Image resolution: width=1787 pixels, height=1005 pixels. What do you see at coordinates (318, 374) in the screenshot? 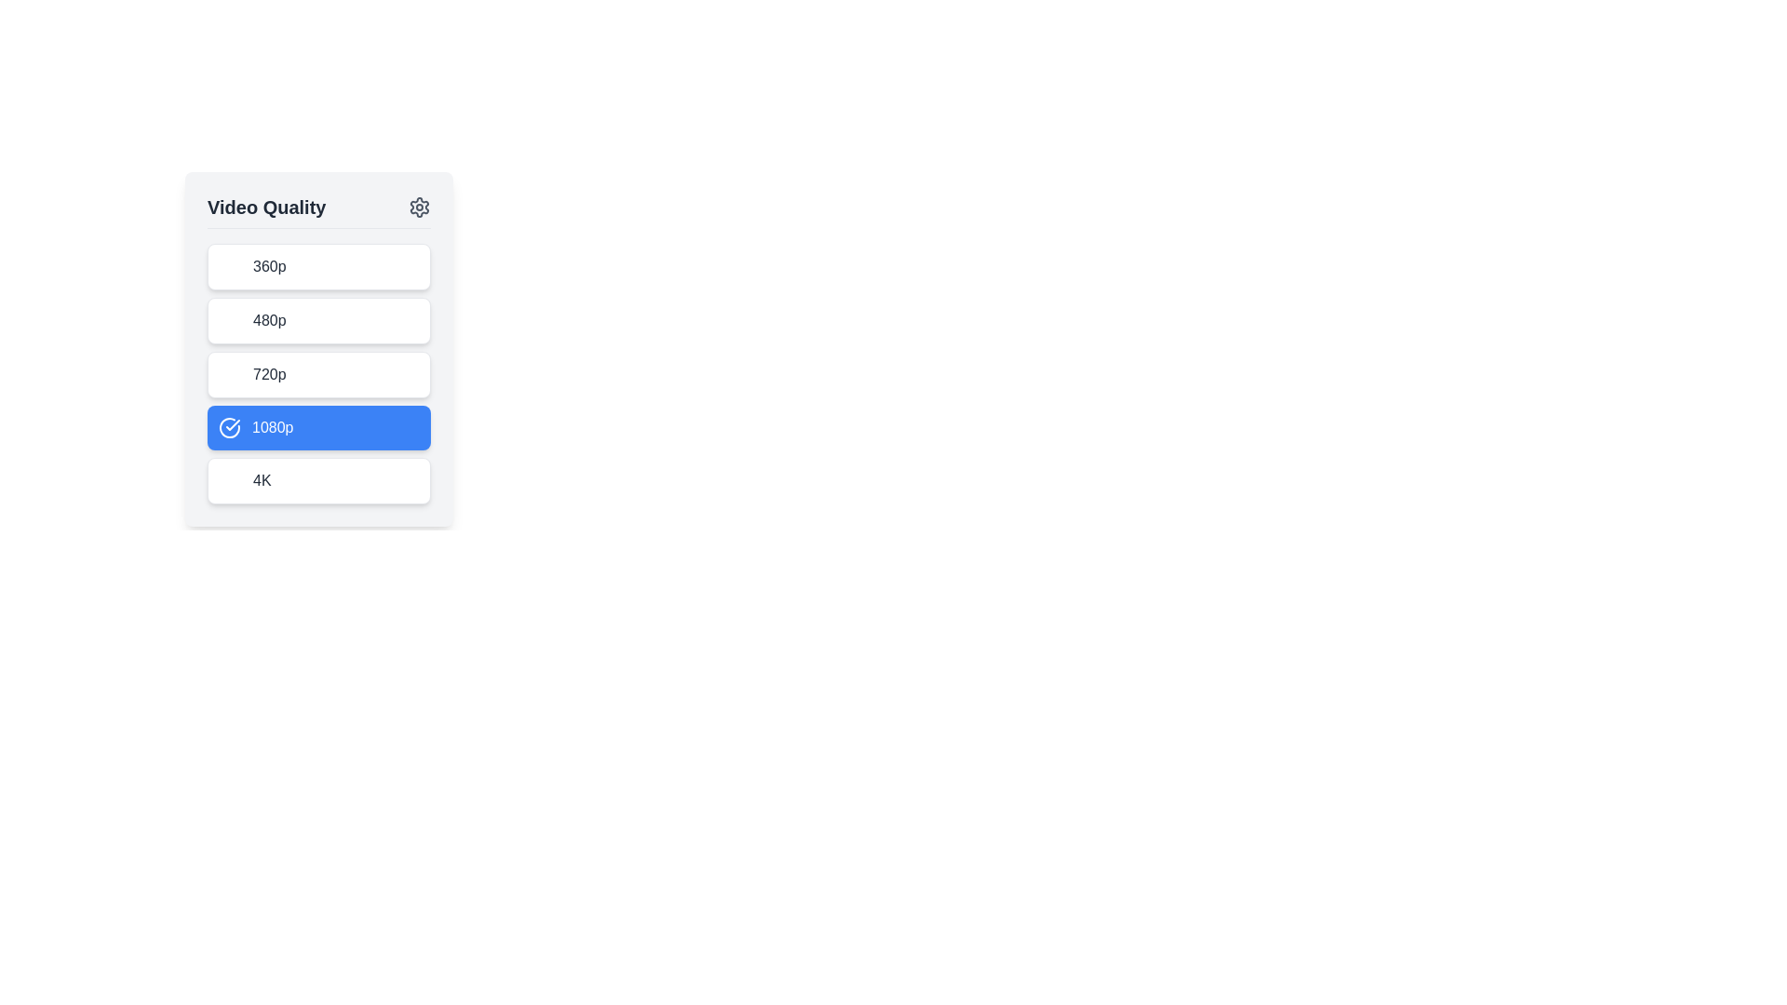
I see `the '720p' video quality button located in the 'Video Quality' section, which is the fourth button in a vertical stack` at bounding box center [318, 374].